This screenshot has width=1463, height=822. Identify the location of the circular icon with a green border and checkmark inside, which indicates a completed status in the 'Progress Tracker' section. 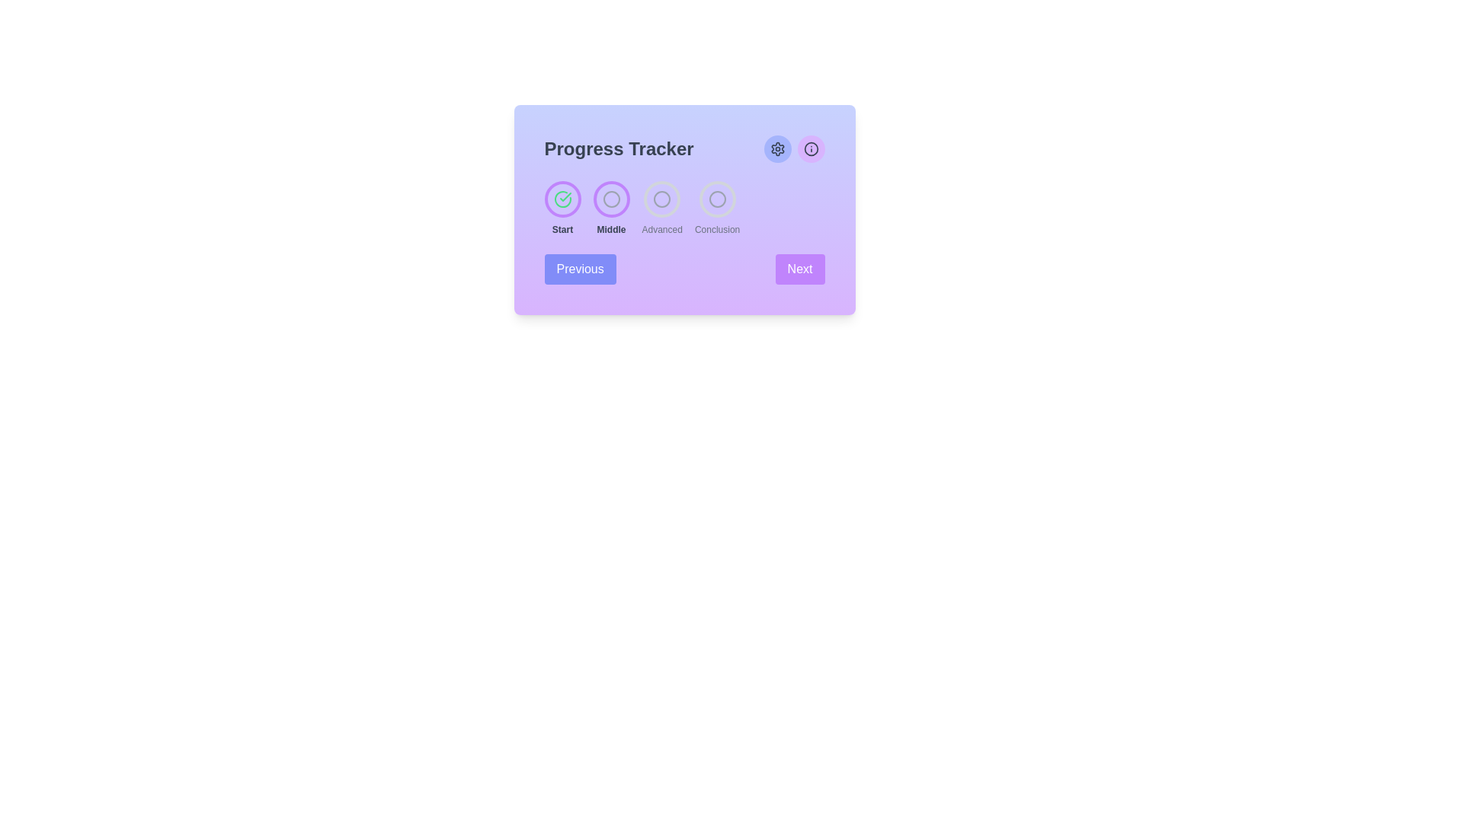
(562, 199).